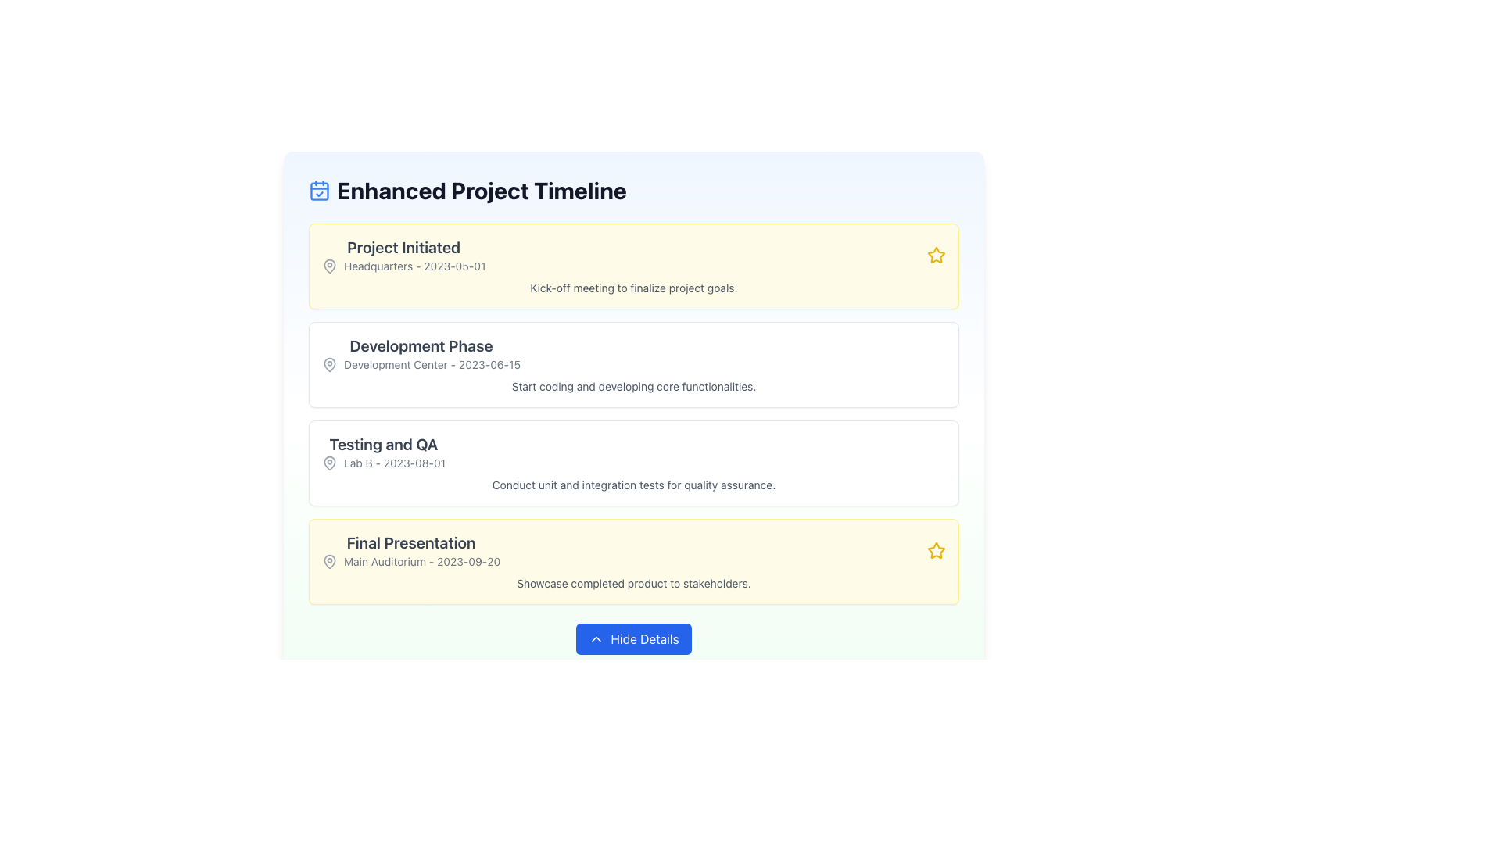 The image size is (1501, 844). Describe the element at coordinates (411, 542) in the screenshot. I see `the Text Label that serves as a header or title for its section, positioned above the secondary text 'Main Auditorium - 2023-09-20' and next to a map pin icon` at that location.